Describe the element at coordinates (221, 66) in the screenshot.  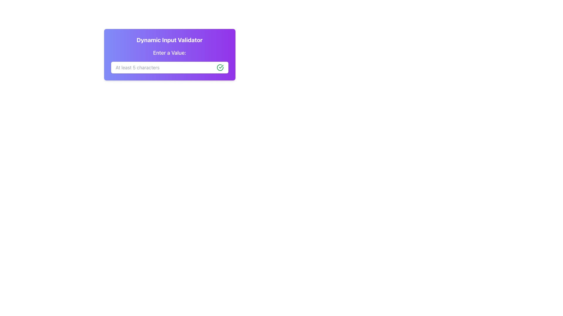
I see `the green circular icon indicating successful validation, located on the right side of the input field` at that location.